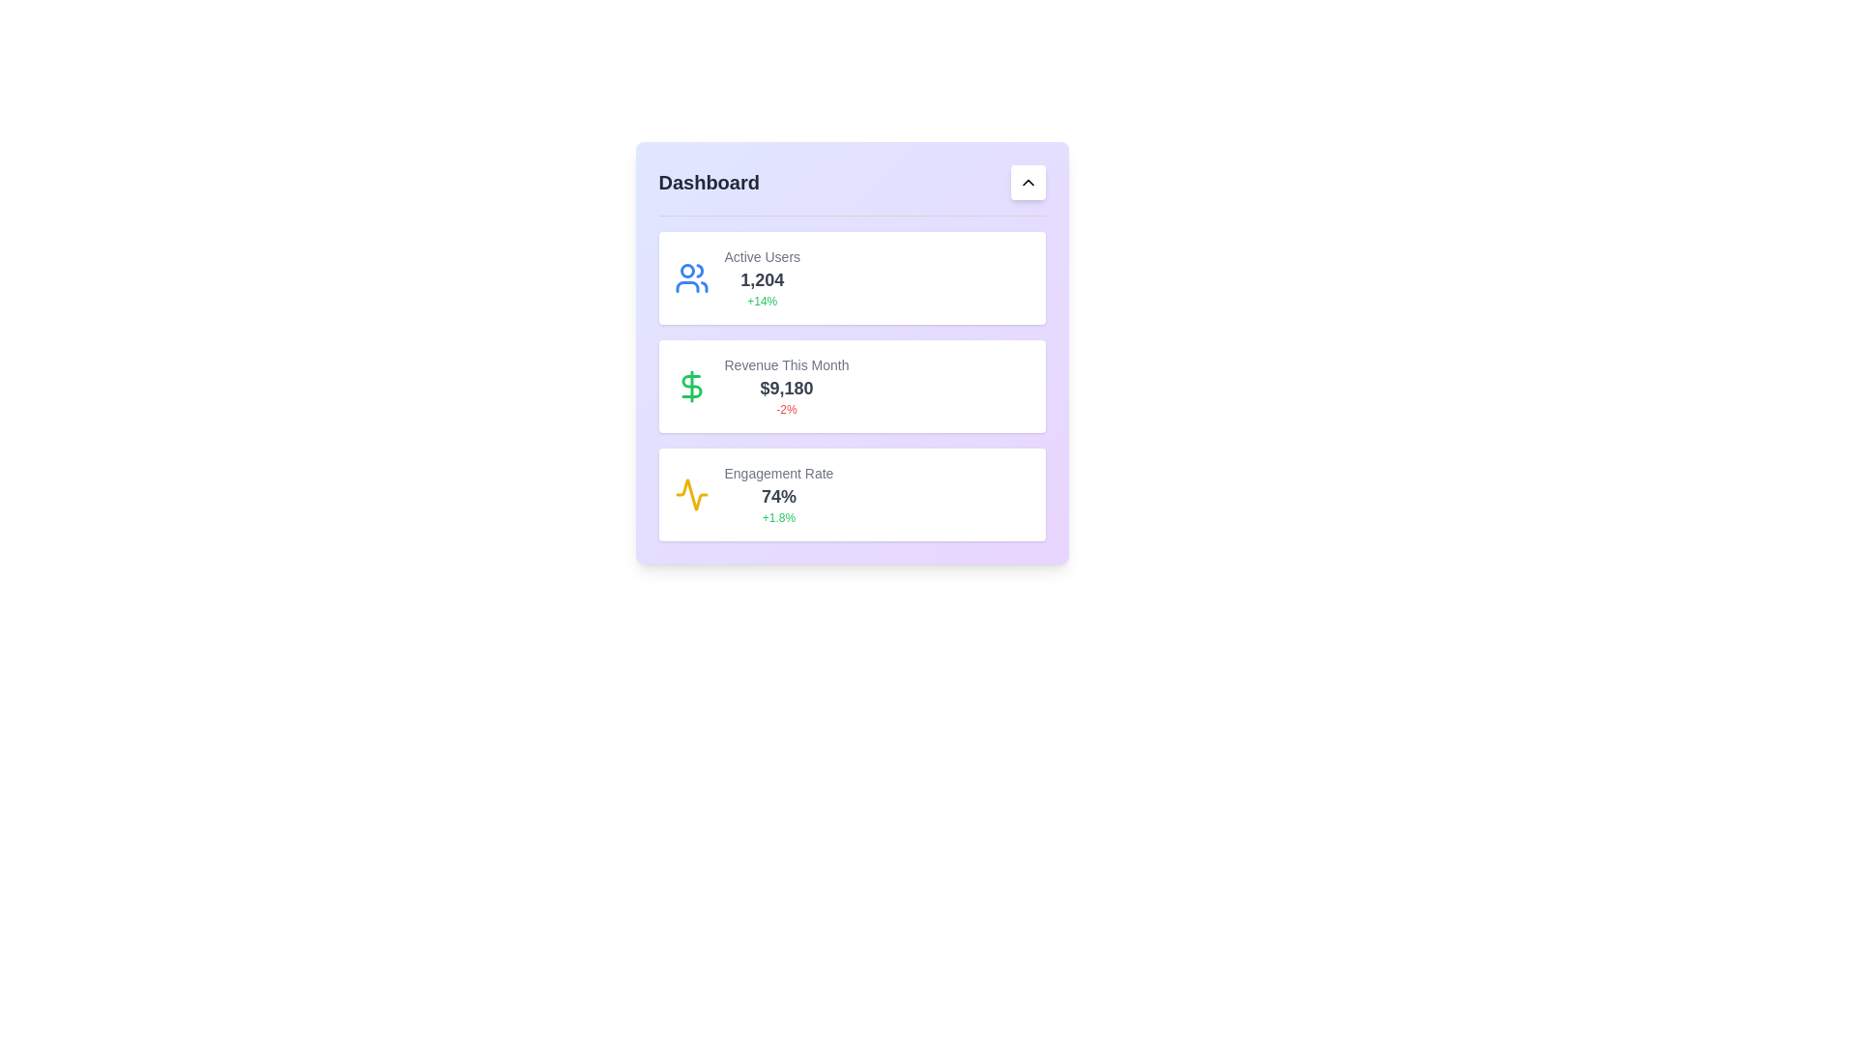 The width and height of the screenshot is (1856, 1044). What do you see at coordinates (779, 473) in the screenshot?
I see `the static text label 'Engagement Rate' located at the top of the third card in the vertical set of cards, which provides context for the numerical data displayed below it` at bounding box center [779, 473].